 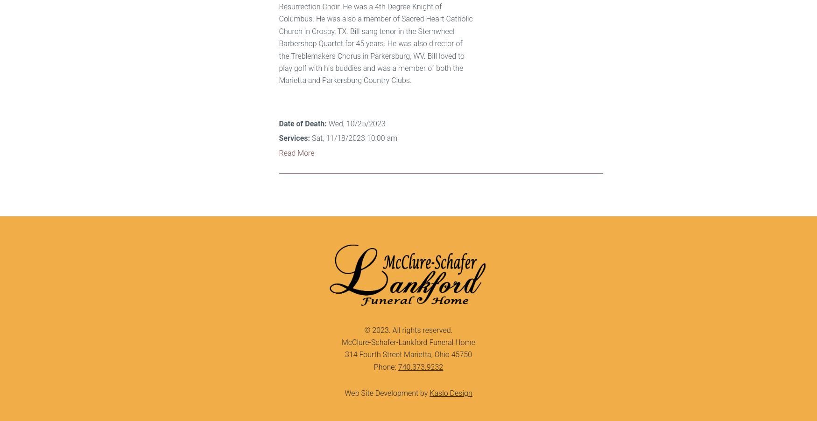 What do you see at coordinates (408, 342) in the screenshot?
I see `'McClure-Schafer-Lankford Funeral Home'` at bounding box center [408, 342].